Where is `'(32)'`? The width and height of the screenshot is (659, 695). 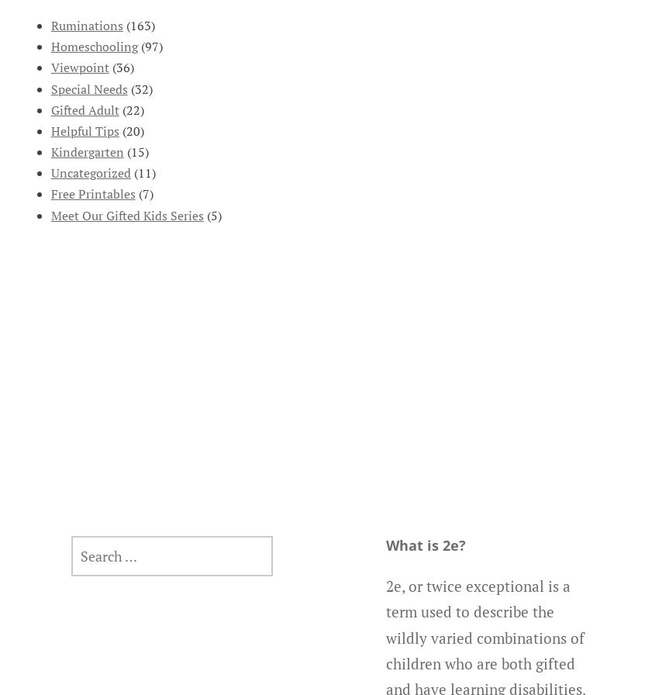 '(32)' is located at coordinates (139, 88).